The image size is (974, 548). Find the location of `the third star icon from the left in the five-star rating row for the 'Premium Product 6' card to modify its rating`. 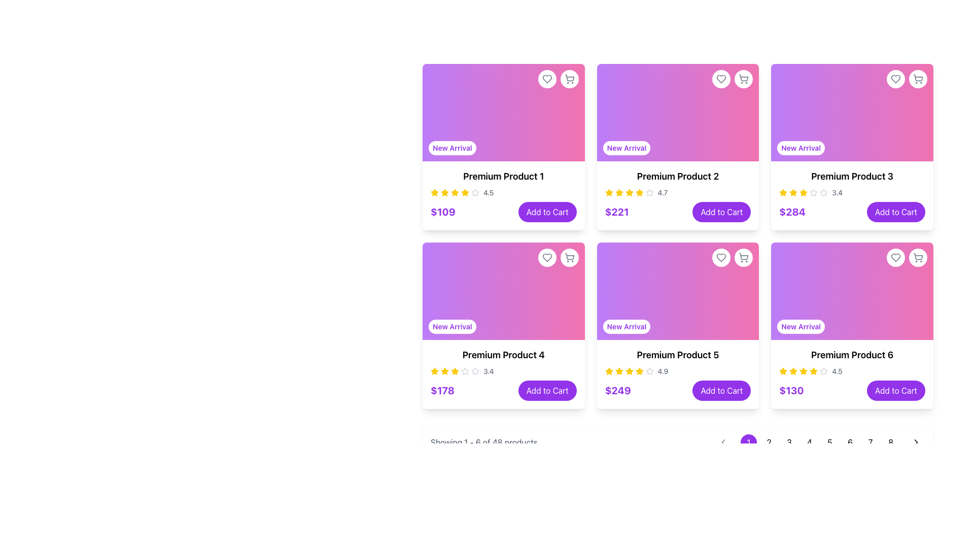

the third star icon from the left in the five-star rating row for the 'Premium Product 6' card to modify its rating is located at coordinates (824, 371).